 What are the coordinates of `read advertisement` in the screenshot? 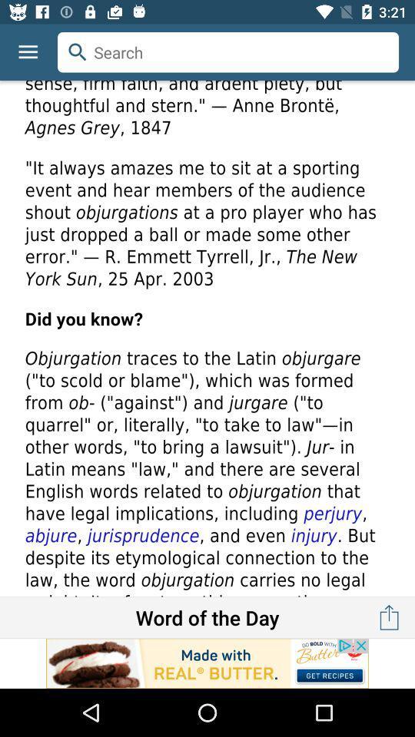 It's located at (207, 663).